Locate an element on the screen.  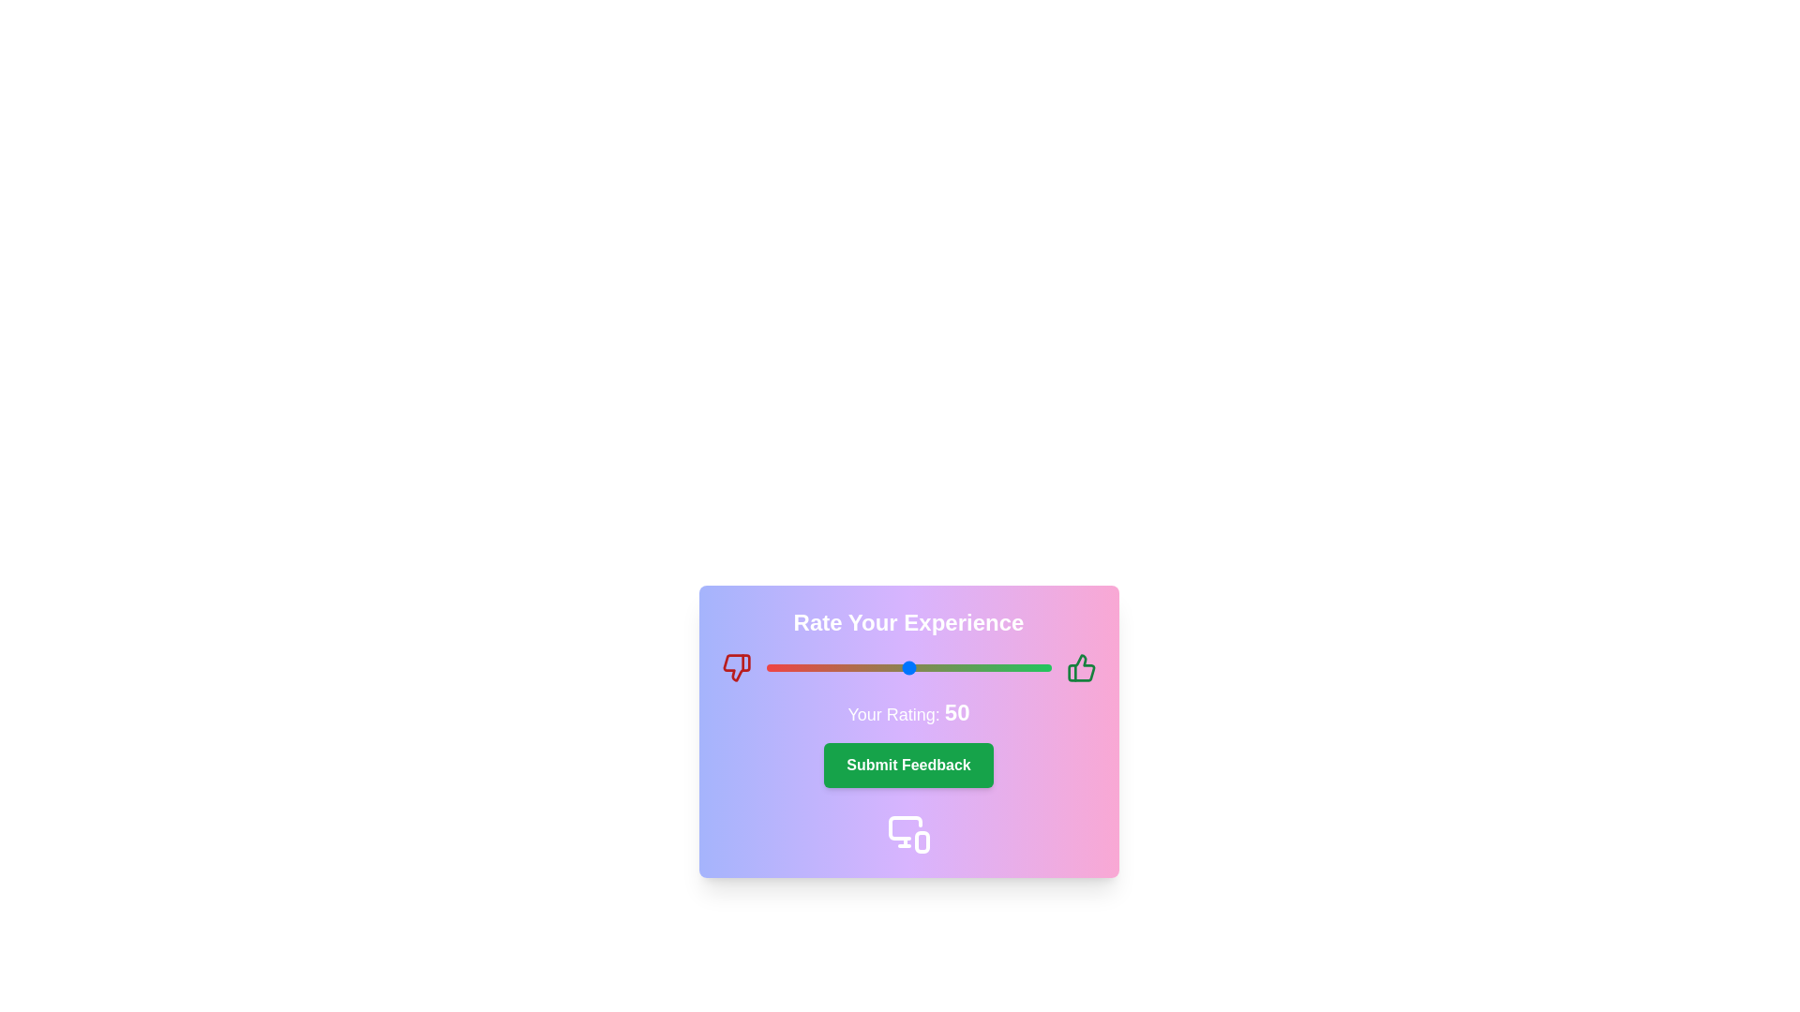
the slider to a specific rating value, 91 is located at coordinates (1025, 667).